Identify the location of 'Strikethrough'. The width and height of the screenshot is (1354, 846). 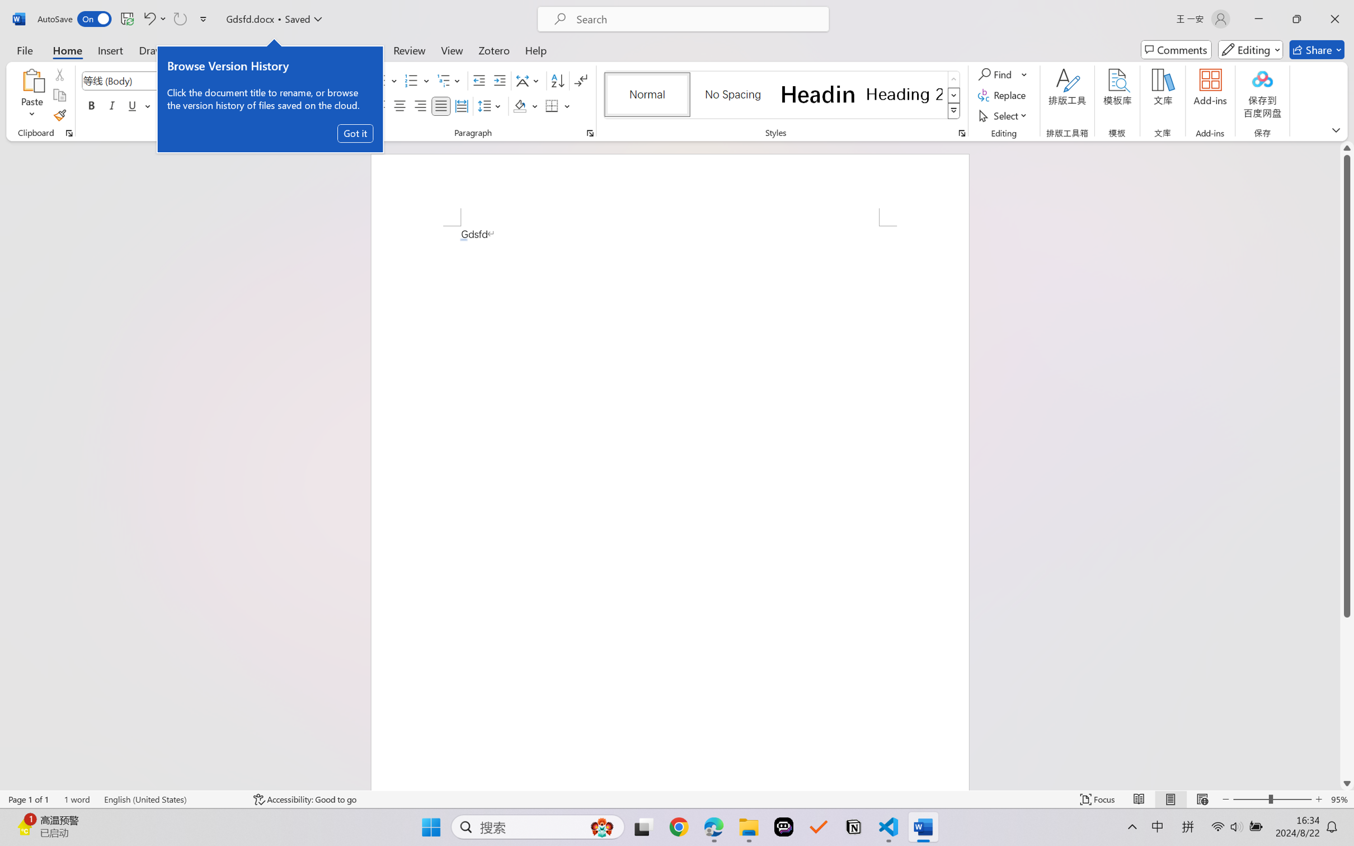
(164, 105).